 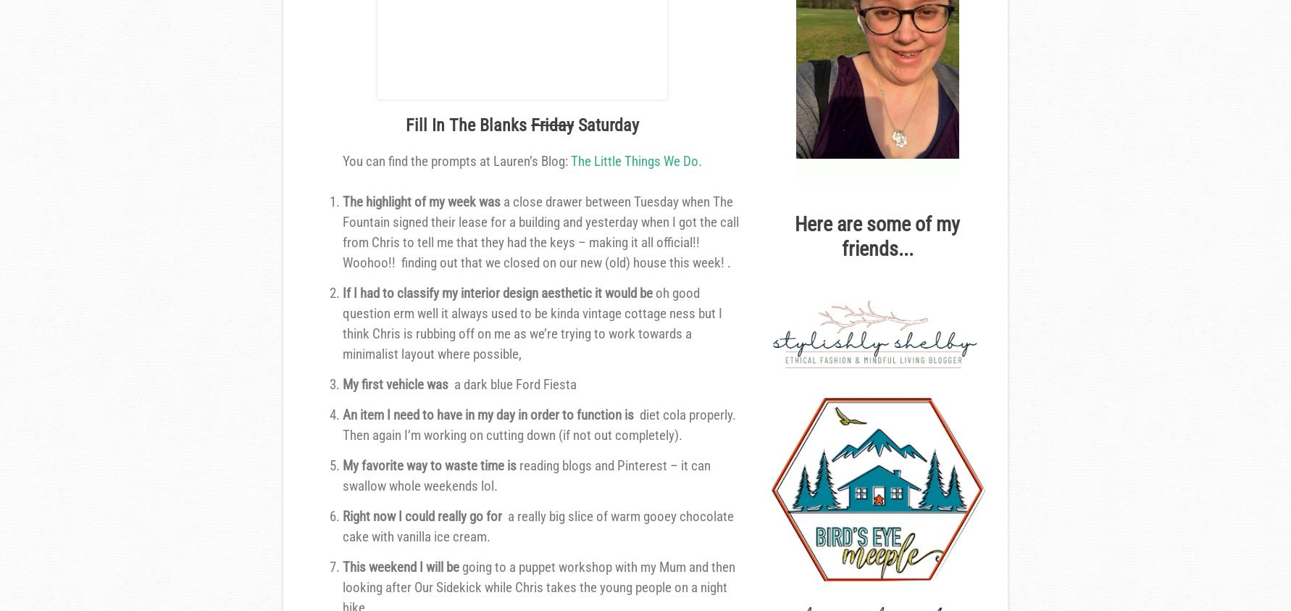 I want to click on 'This weekend I will be', so click(x=341, y=567).